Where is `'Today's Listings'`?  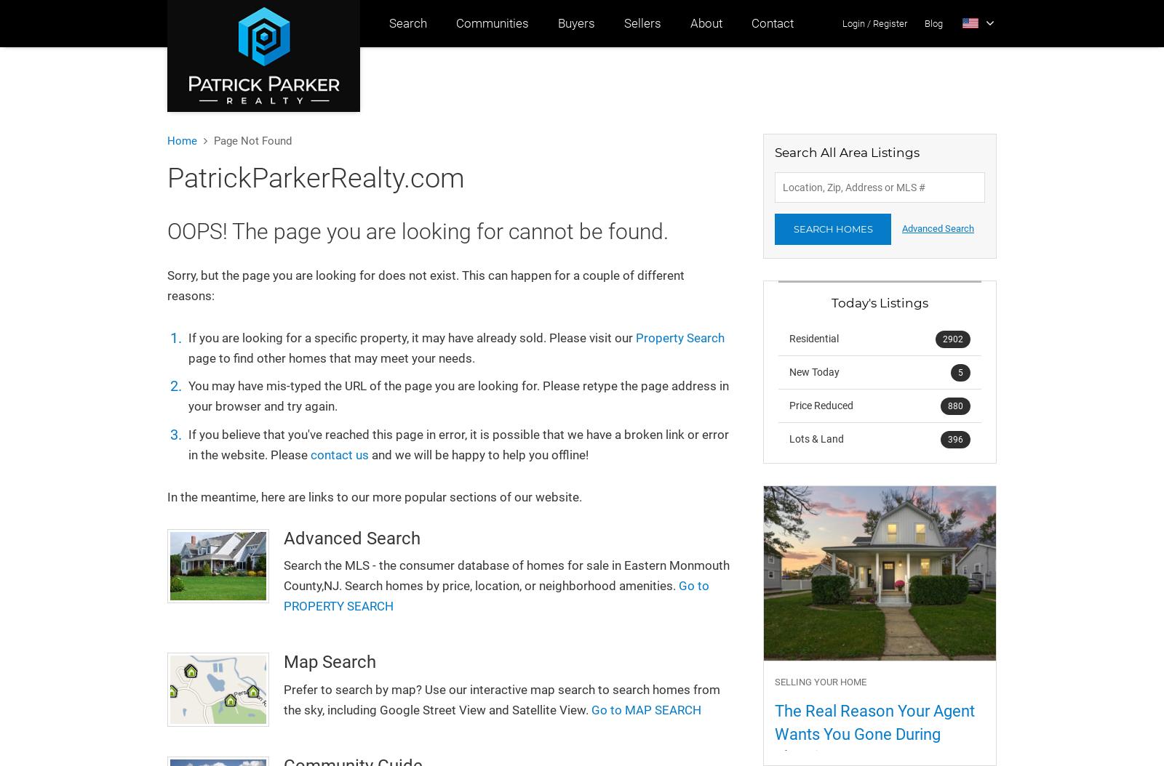 'Today's Listings' is located at coordinates (879, 302).